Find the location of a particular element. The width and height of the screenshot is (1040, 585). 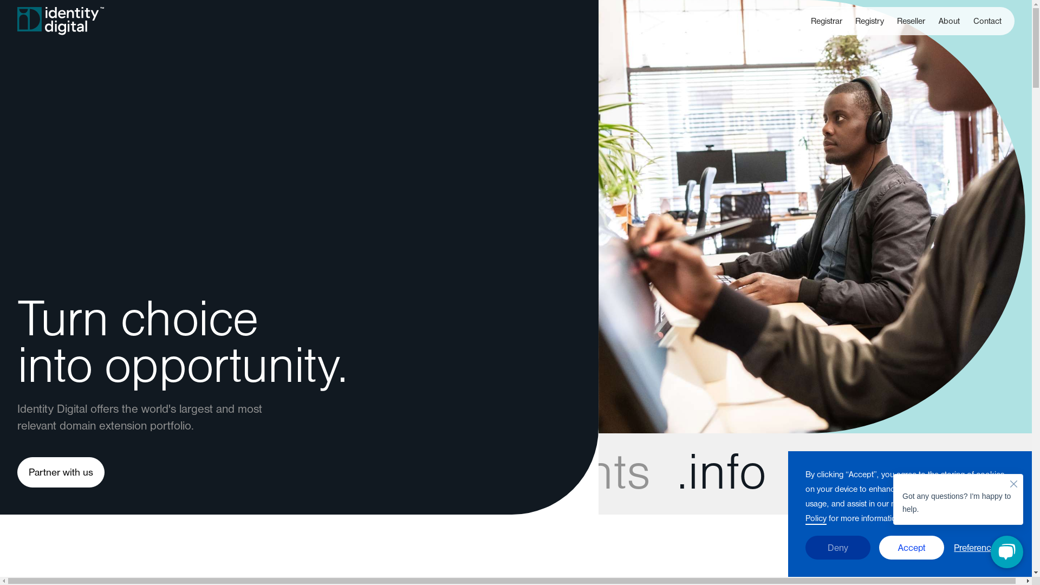

'Preferences' is located at coordinates (977, 547).